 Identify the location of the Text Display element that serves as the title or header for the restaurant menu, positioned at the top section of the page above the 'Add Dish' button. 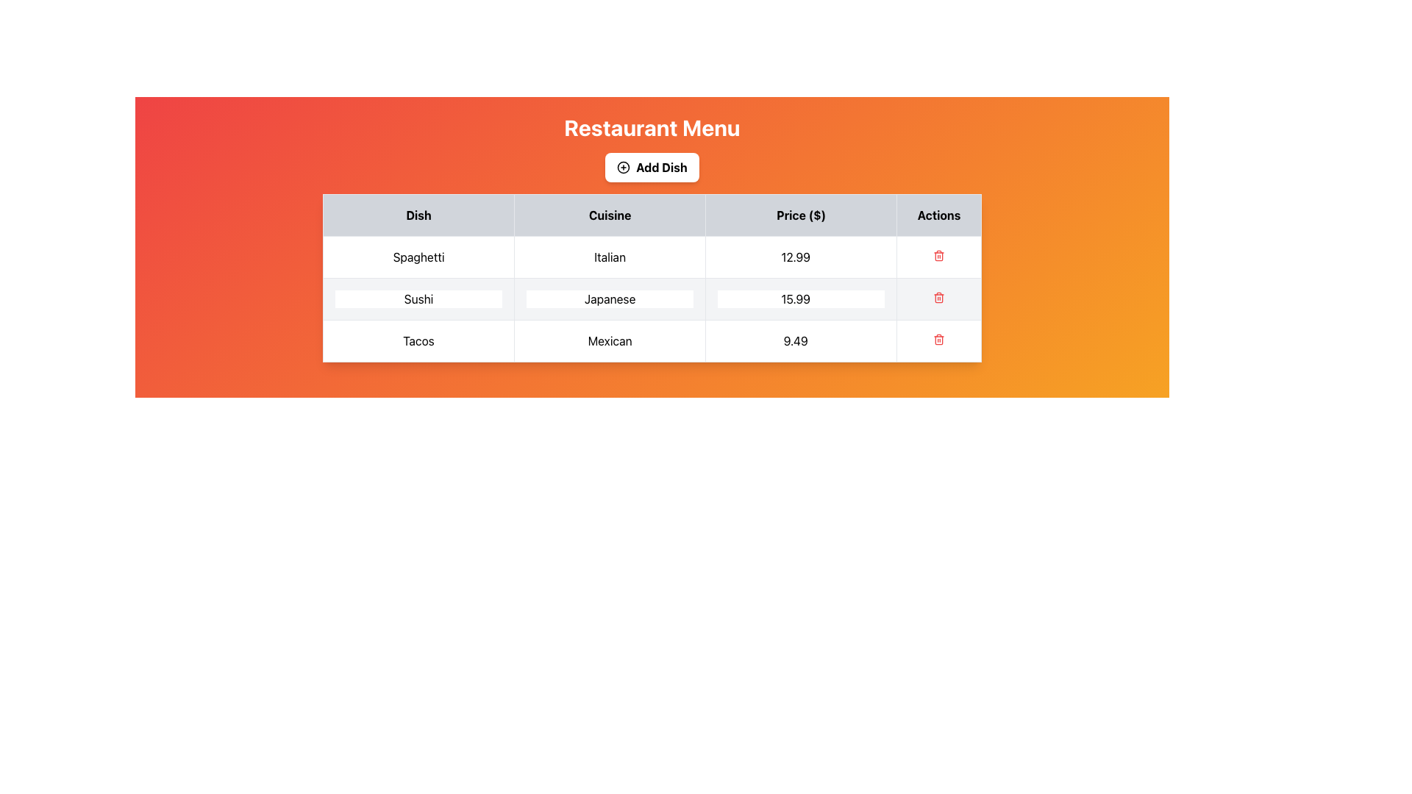
(652, 126).